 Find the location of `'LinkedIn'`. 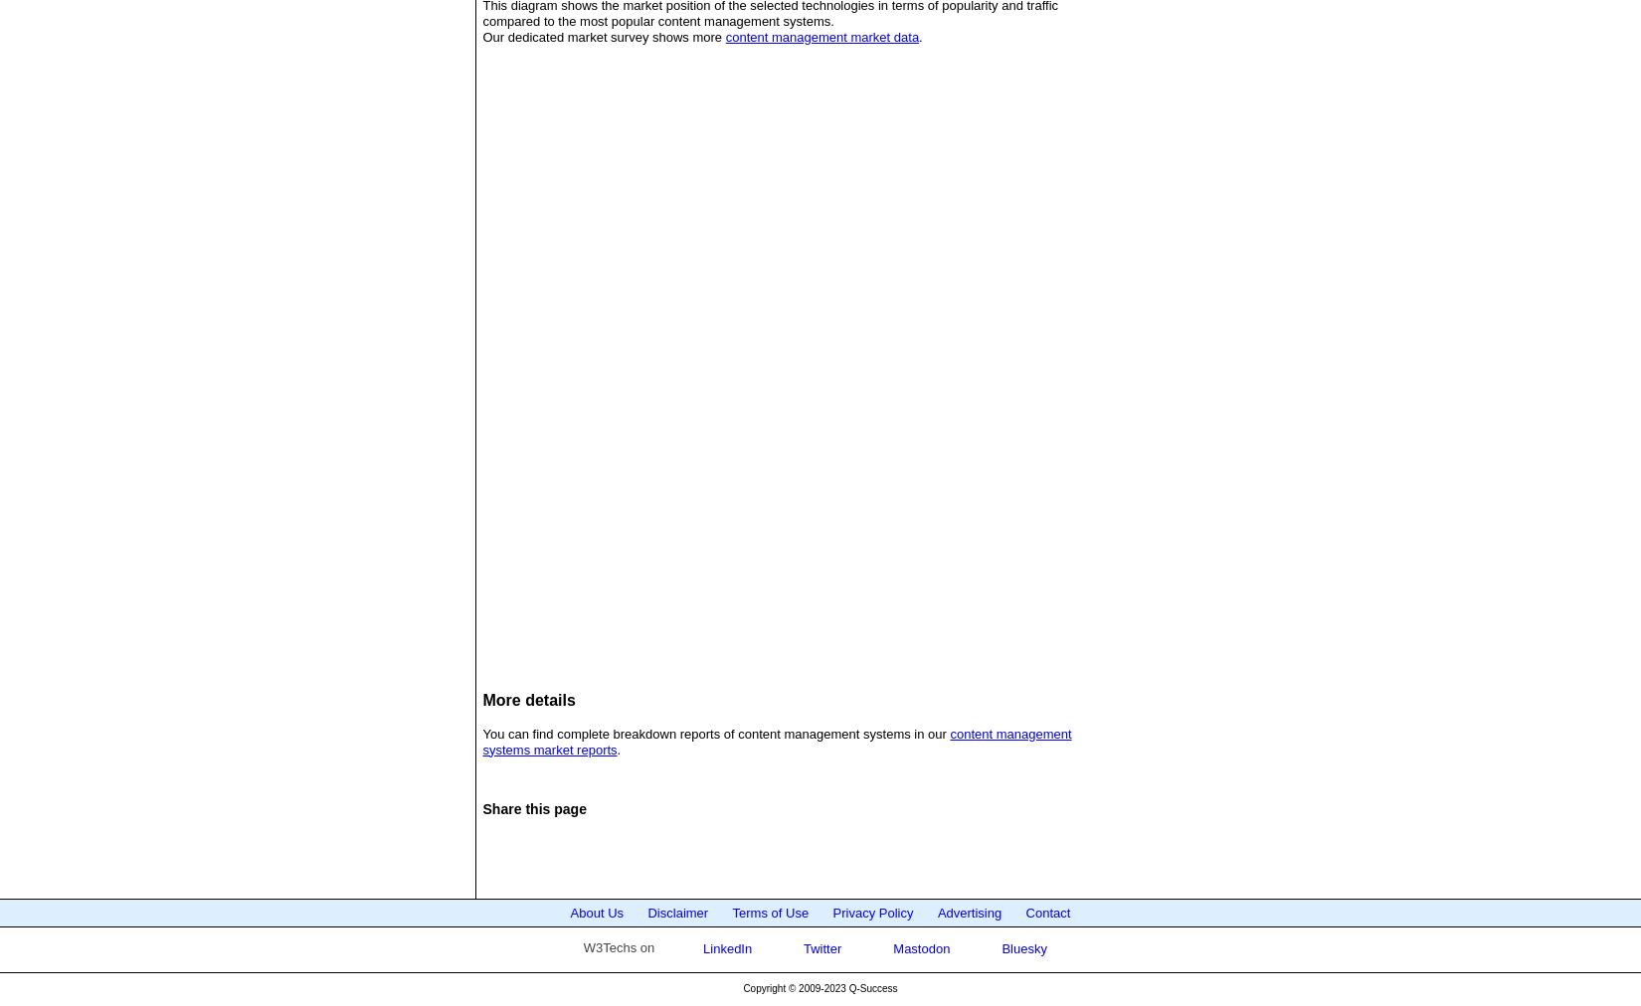

'LinkedIn' is located at coordinates (698, 947).